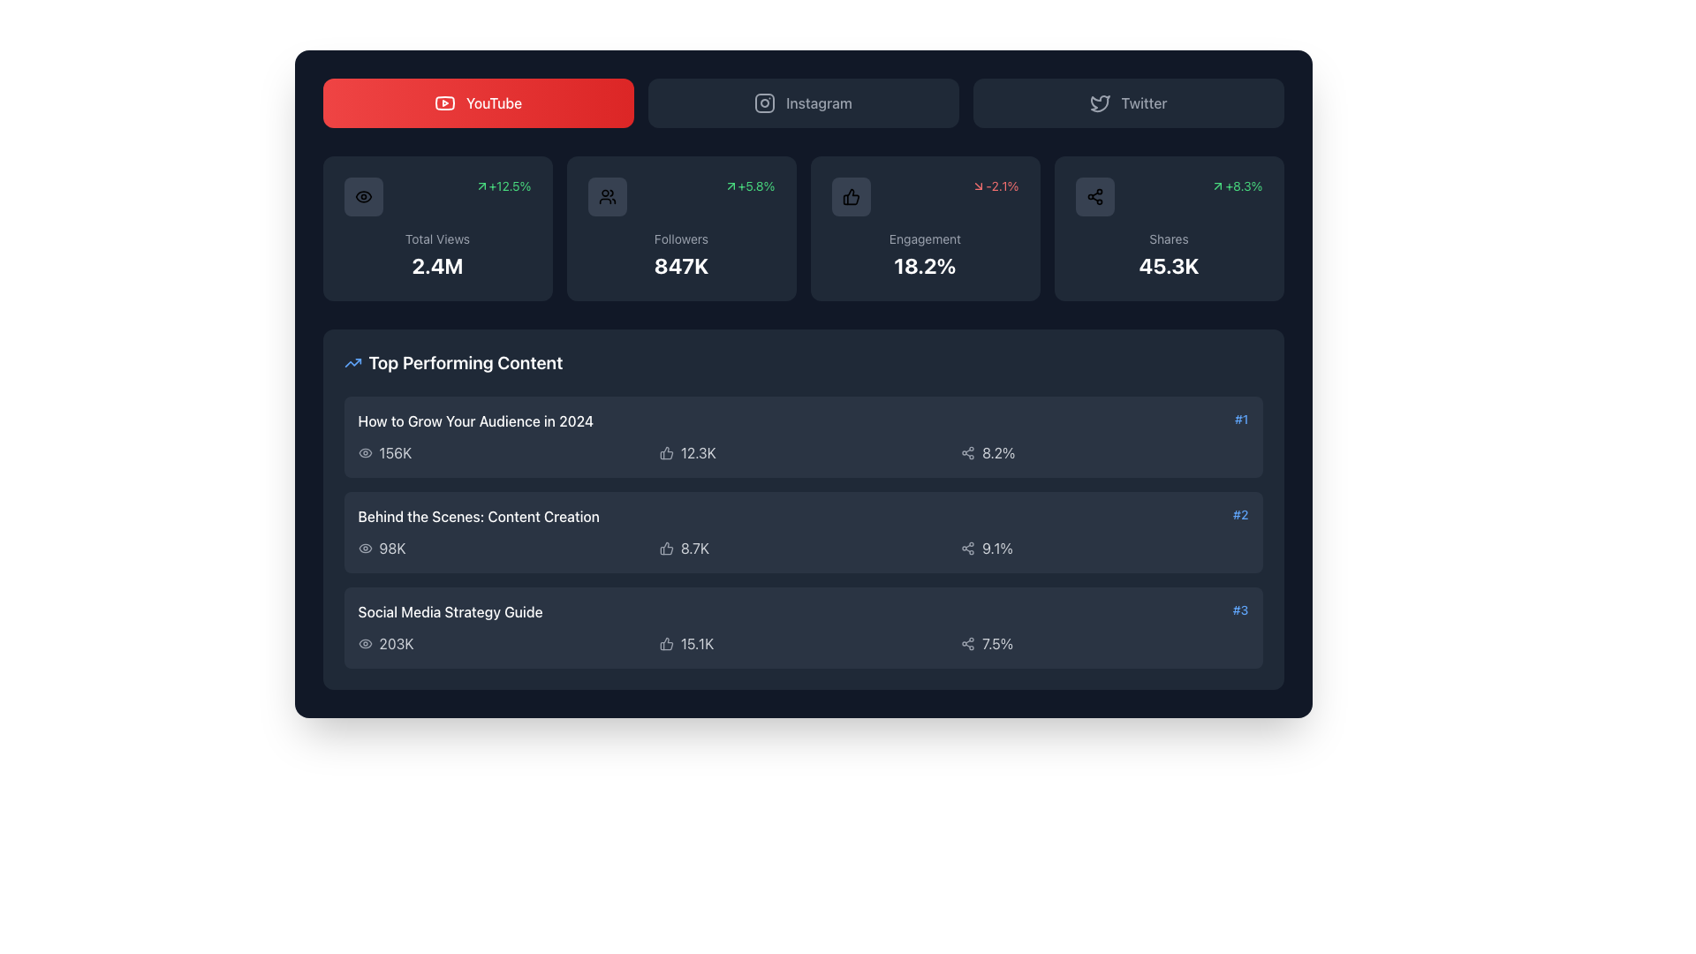 The width and height of the screenshot is (1696, 954). Describe the element at coordinates (450, 611) in the screenshot. I see `the text label 'Social Media Strategy Guide' which is the third item under 'Top Performing Content' on a dark background` at that location.